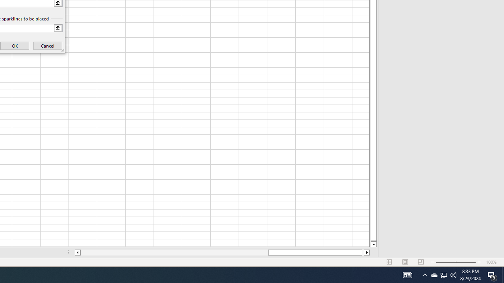  What do you see at coordinates (174, 252) in the screenshot?
I see `'Page left'` at bounding box center [174, 252].